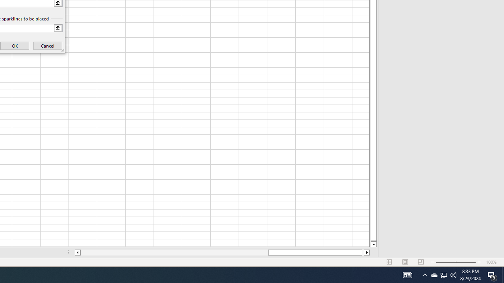  What do you see at coordinates (174, 252) in the screenshot?
I see `'Page left'` at bounding box center [174, 252].